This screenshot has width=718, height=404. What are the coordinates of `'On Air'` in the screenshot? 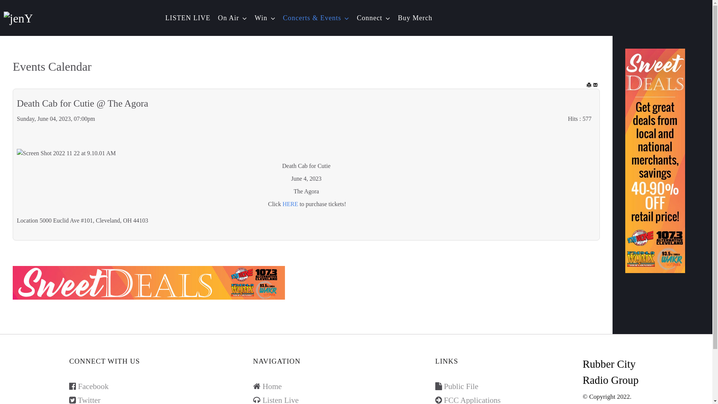 It's located at (232, 17).